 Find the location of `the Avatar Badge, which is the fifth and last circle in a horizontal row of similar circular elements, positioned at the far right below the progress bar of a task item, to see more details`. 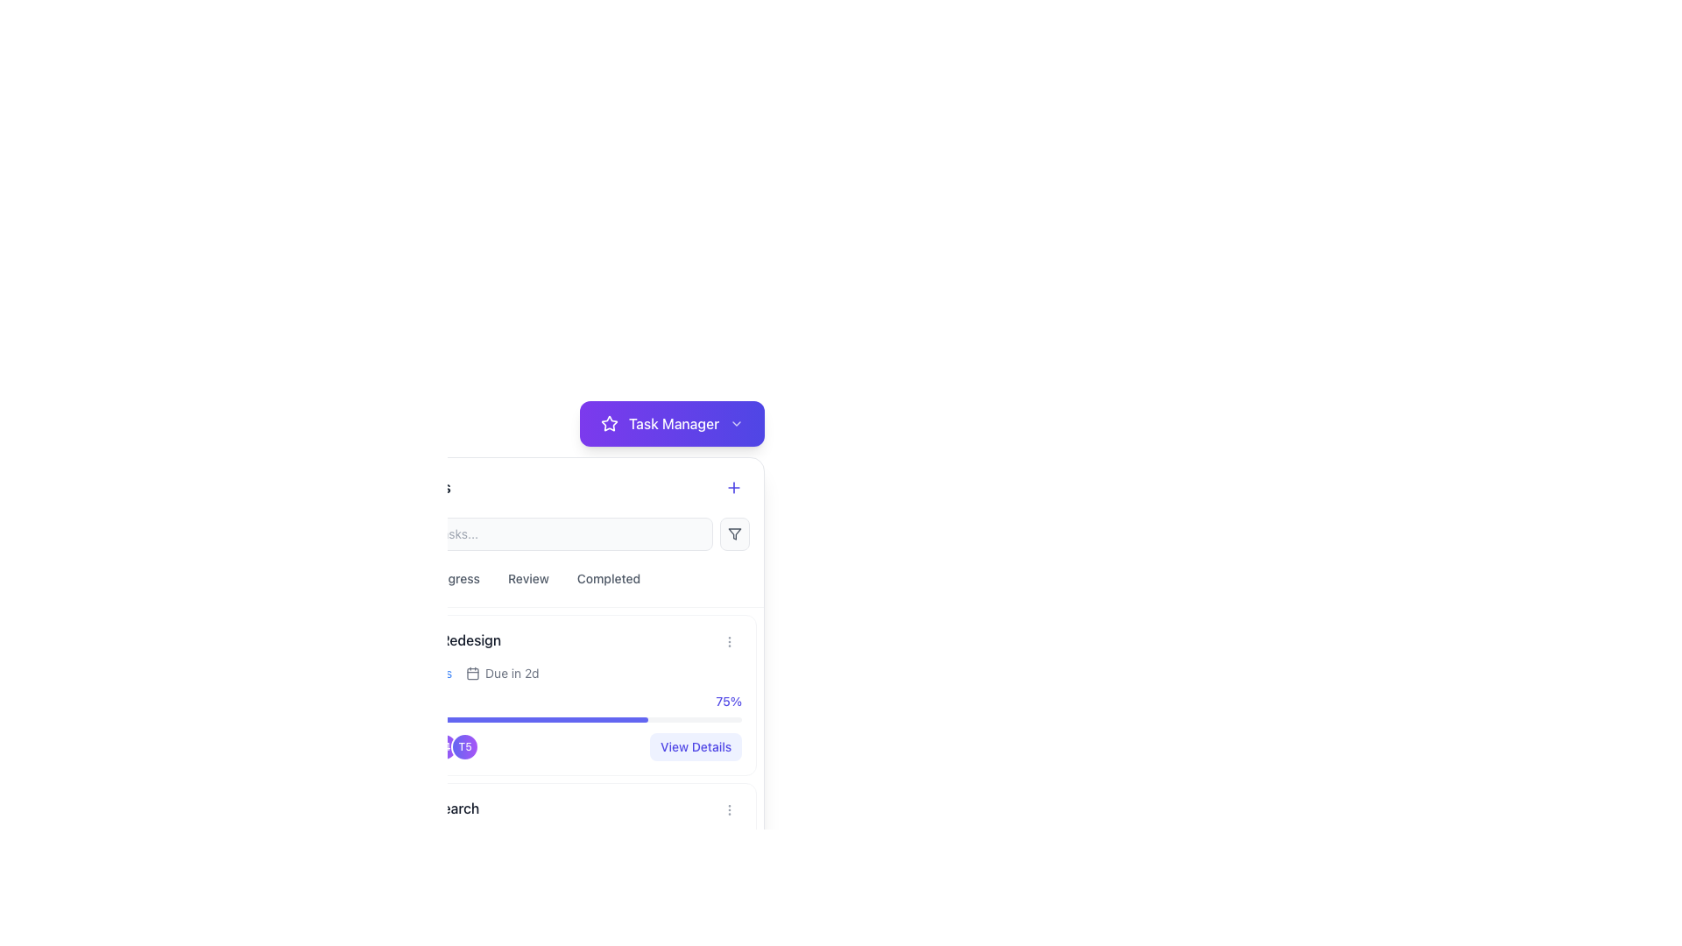

the Avatar Badge, which is the fifth and last circle in a horizontal row of similar circular elements, positioned at the far right below the progress bar of a task item, to see more details is located at coordinates (465, 746).